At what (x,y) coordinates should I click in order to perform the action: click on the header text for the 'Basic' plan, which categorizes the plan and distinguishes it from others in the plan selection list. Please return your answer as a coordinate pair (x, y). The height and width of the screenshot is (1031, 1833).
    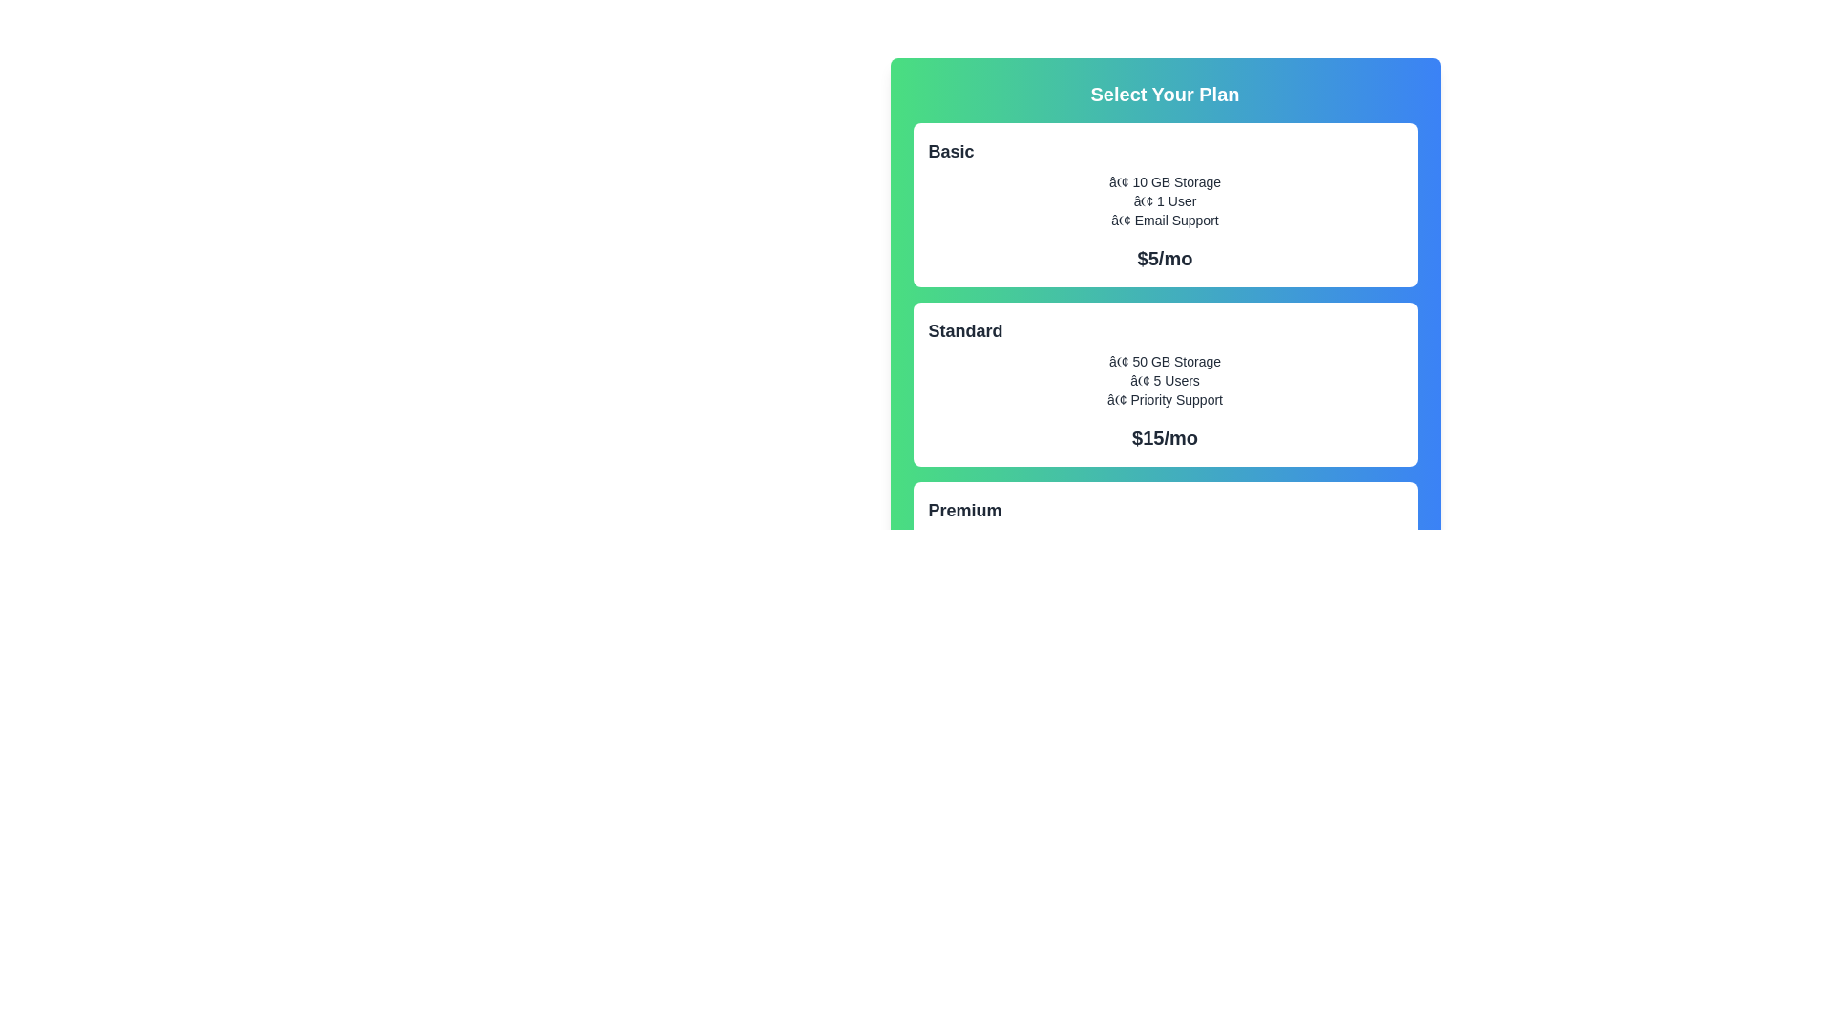
    Looking at the image, I should click on (951, 150).